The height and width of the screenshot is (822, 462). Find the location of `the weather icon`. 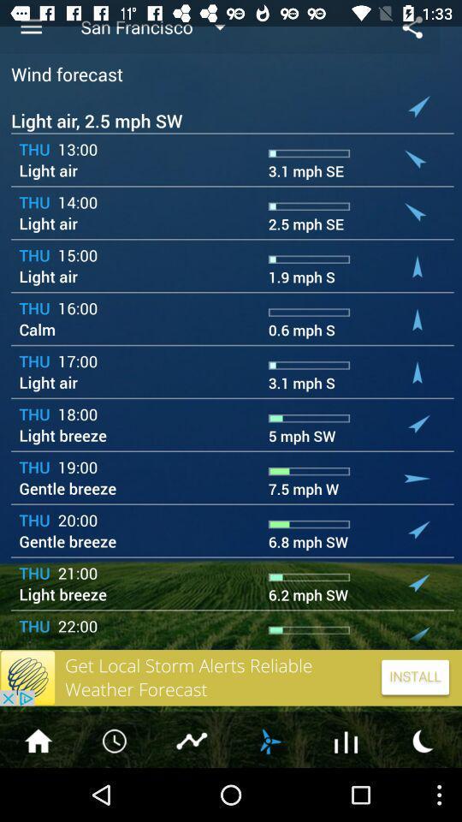

the weather icon is located at coordinates (423, 792).